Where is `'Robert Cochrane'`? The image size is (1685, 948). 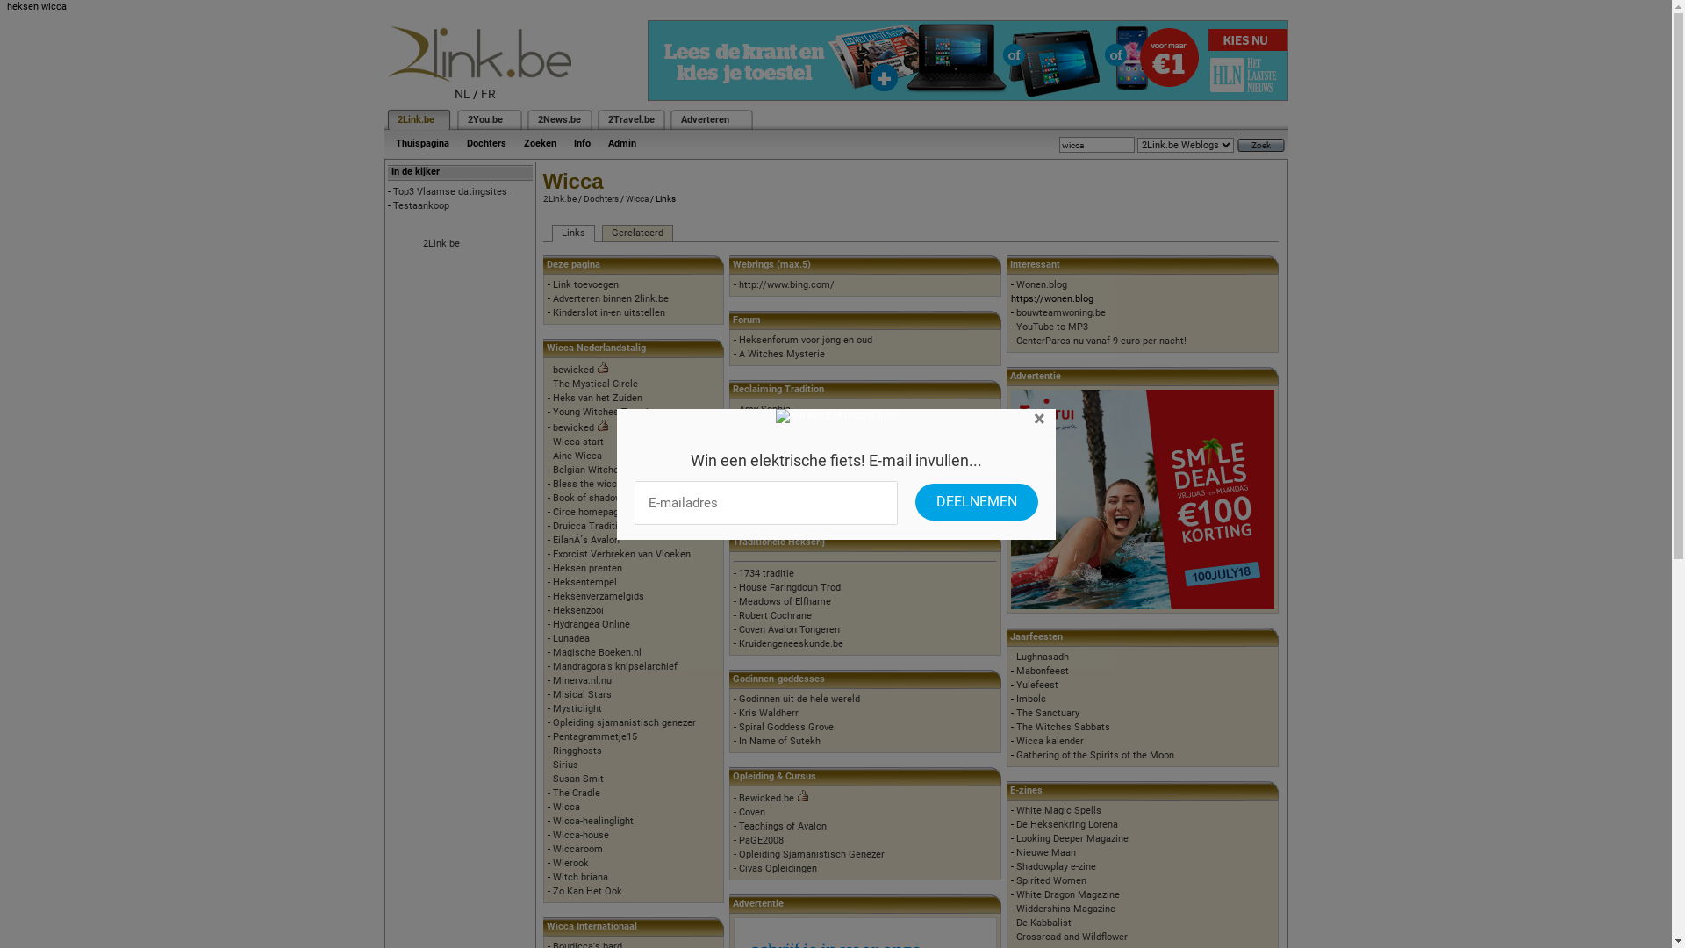 'Robert Cochrane' is located at coordinates (738, 614).